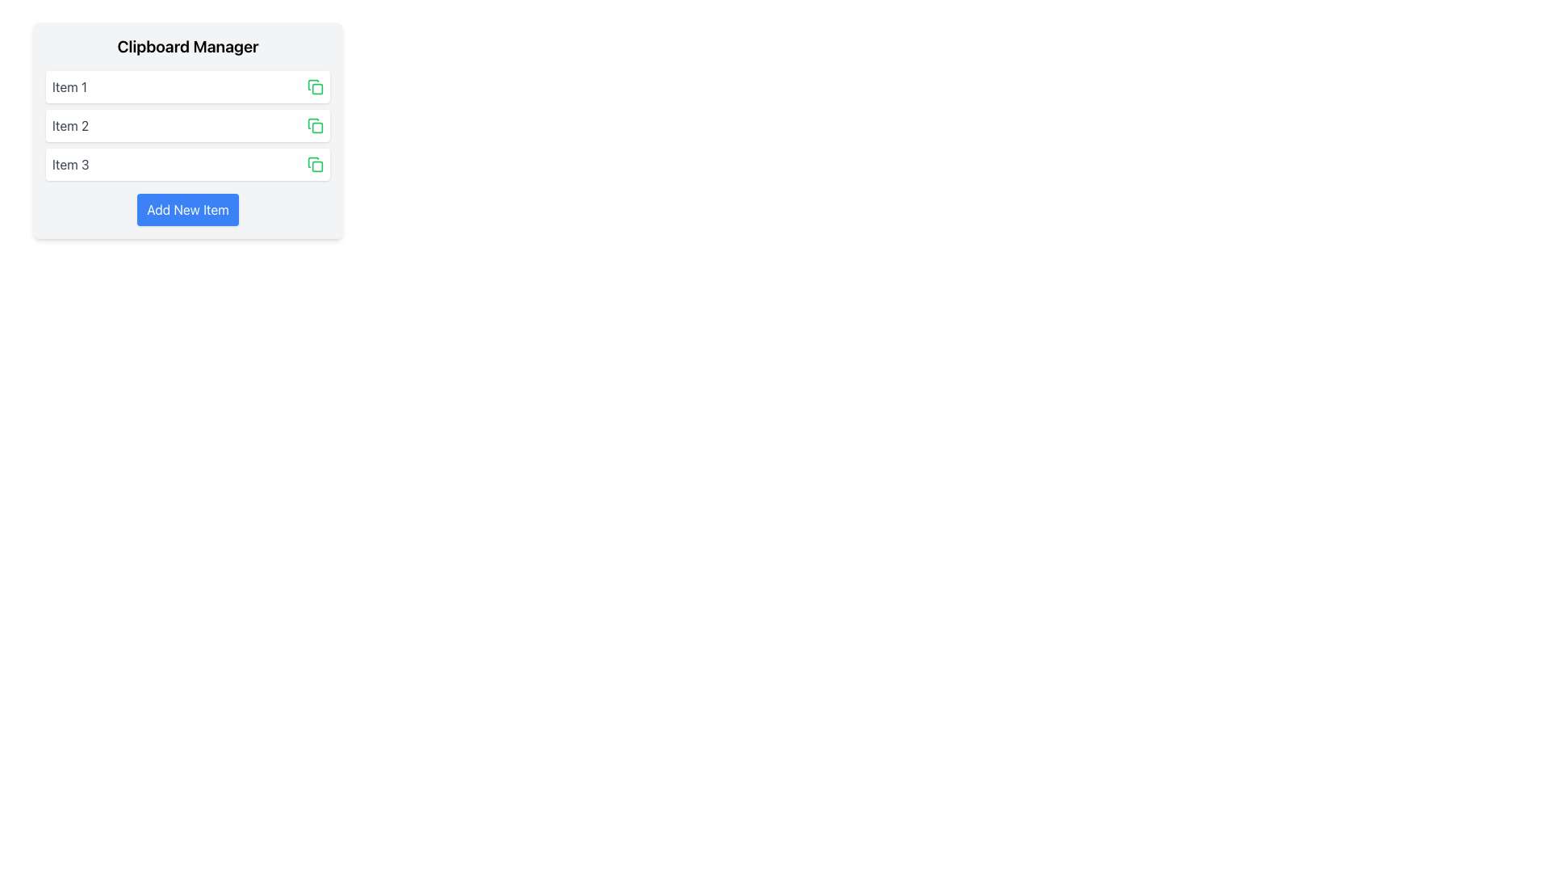 Image resolution: width=1550 pixels, height=872 pixels. What do you see at coordinates (317, 89) in the screenshot?
I see `the small rectangle with rounded corners, part of the document-like icon located to the right side of the first item entry in a vertical list` at bounding box center [317, 89].